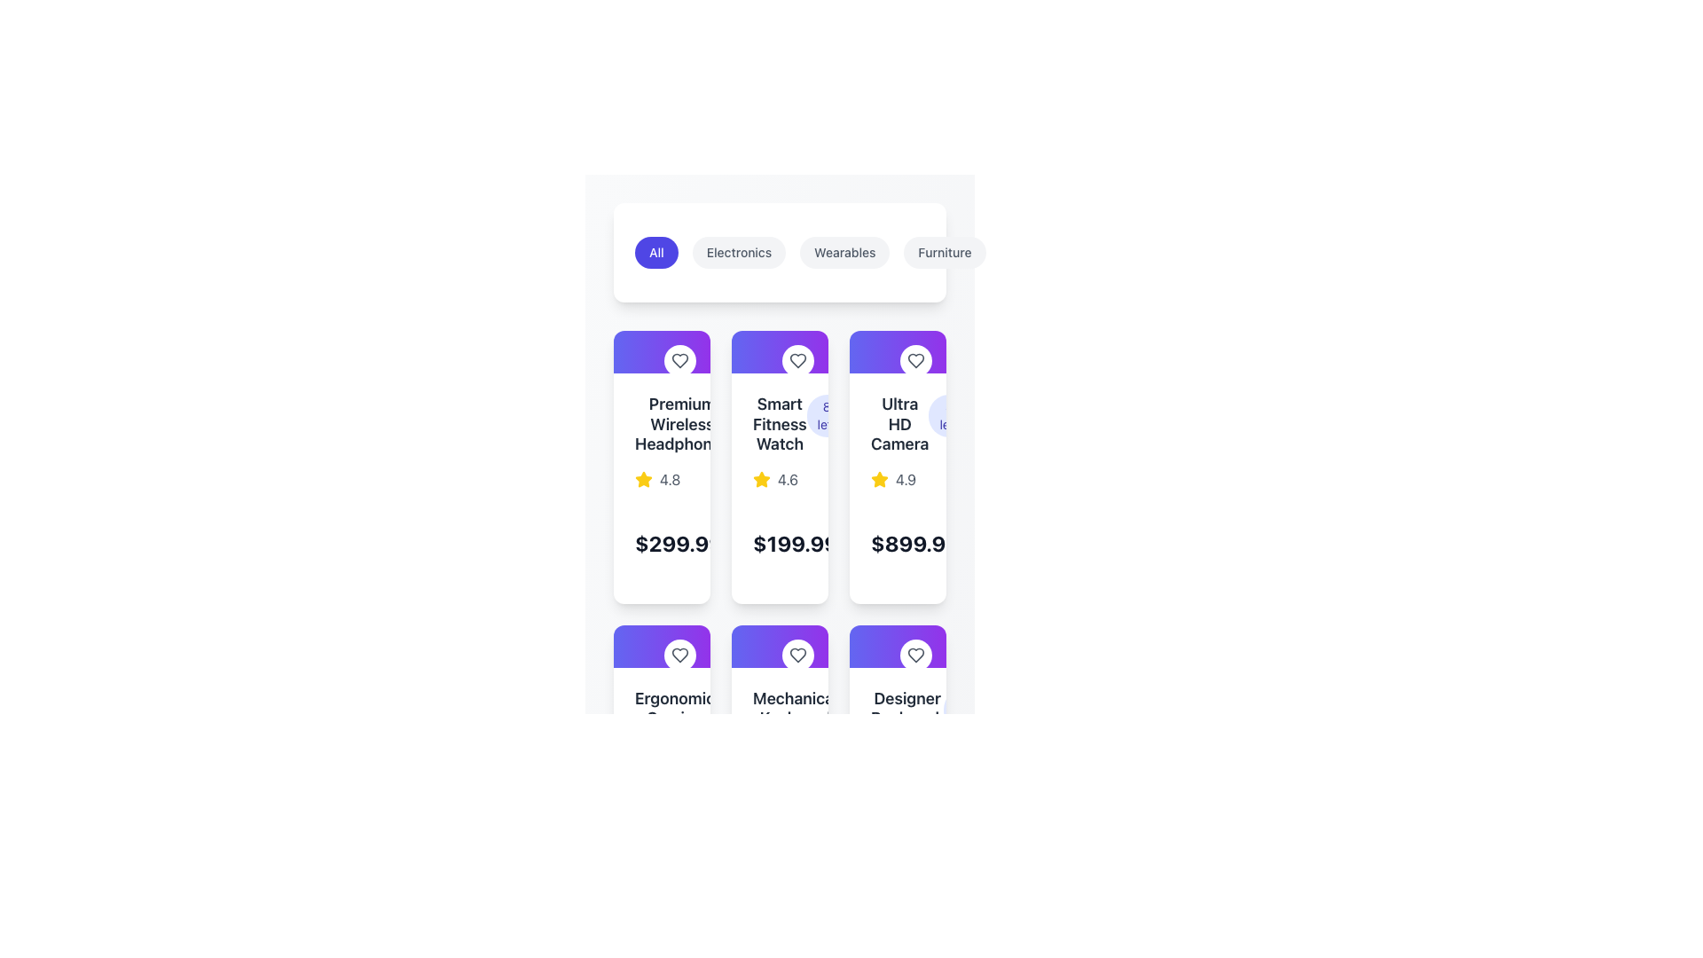 The image size is (1703, 958). Describe the element at coordinates (794, 707) in the screenshot. I see `the Text Label displaying 'Mechanical Keyboard' within the product card interface, positioned below the heart icon and above the '20 left' badge` at that location.